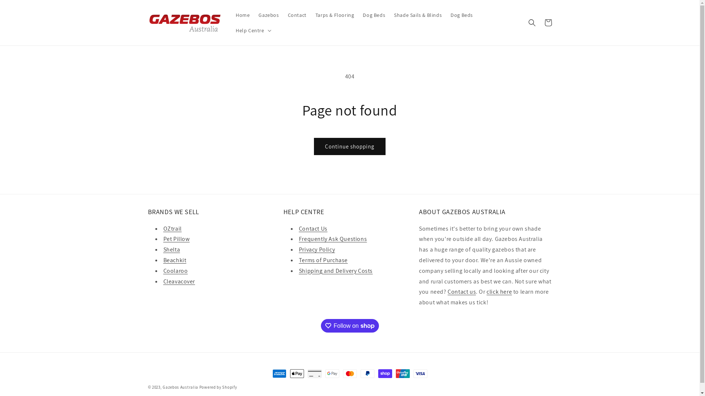 The width and height of the screenshot is (705, 396). I want to click on 'Dog Beds', so click(461, 15).